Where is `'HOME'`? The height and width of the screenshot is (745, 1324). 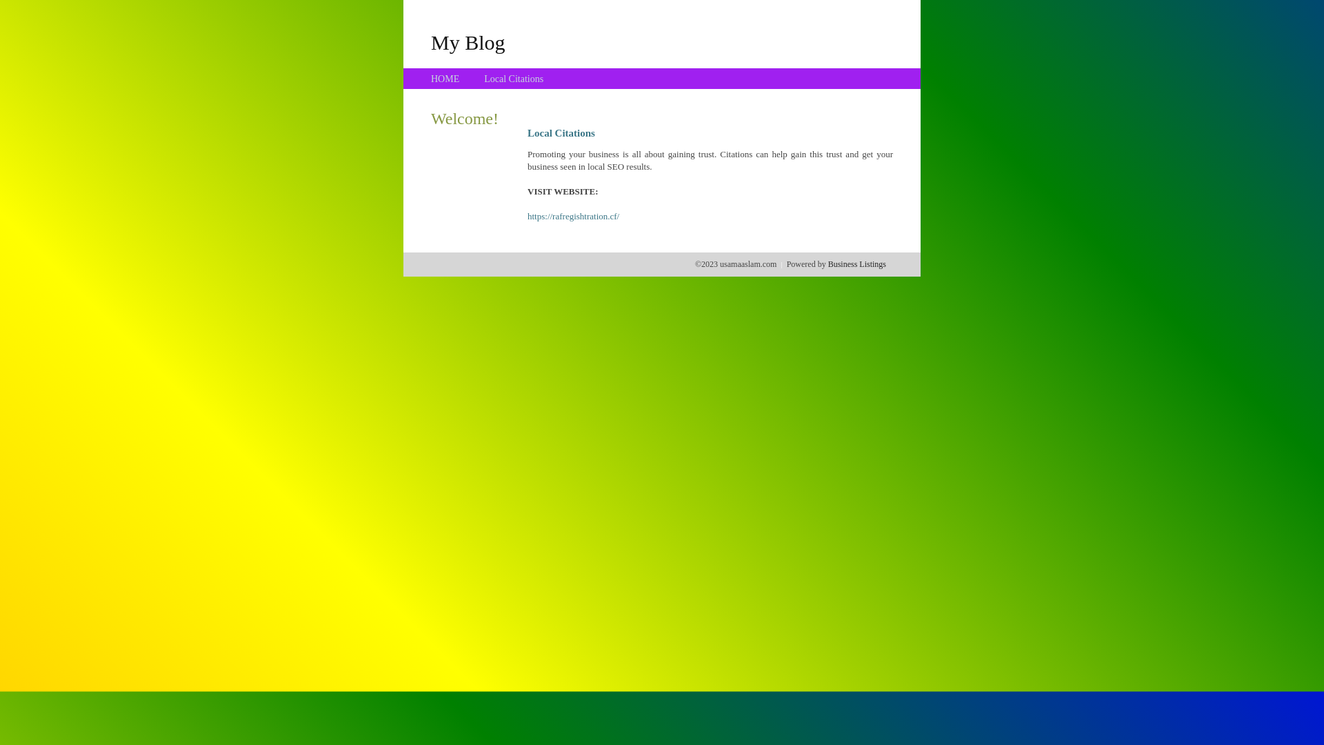
'HOME' is located at coordinates (445, 79).